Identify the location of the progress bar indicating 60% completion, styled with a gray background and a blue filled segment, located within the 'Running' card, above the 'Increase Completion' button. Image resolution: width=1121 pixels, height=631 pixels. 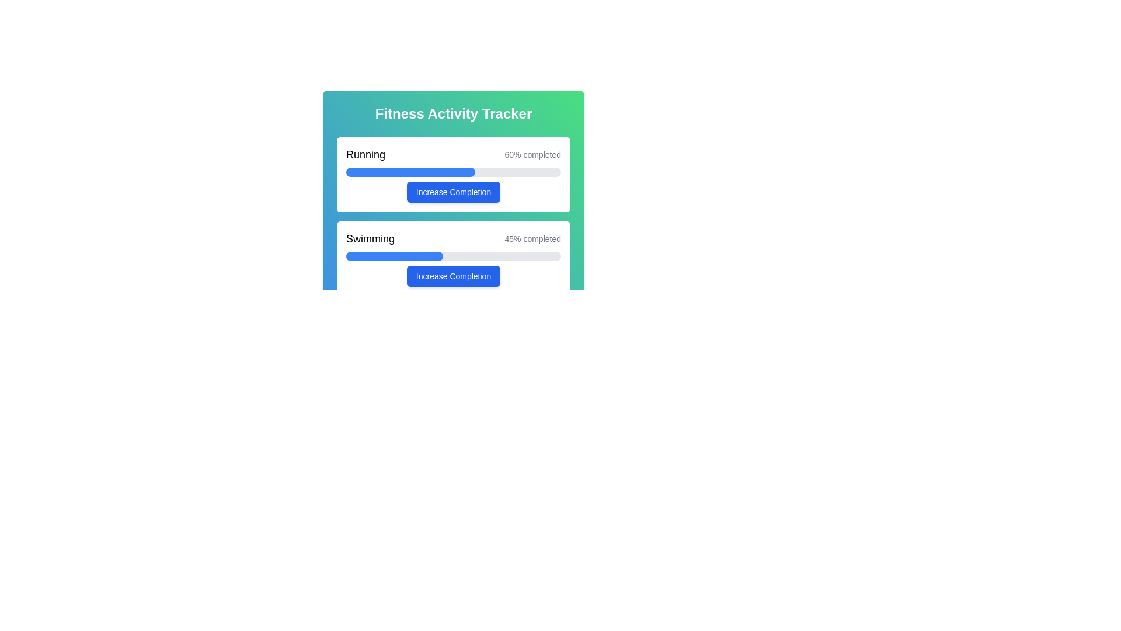
(453, 172).